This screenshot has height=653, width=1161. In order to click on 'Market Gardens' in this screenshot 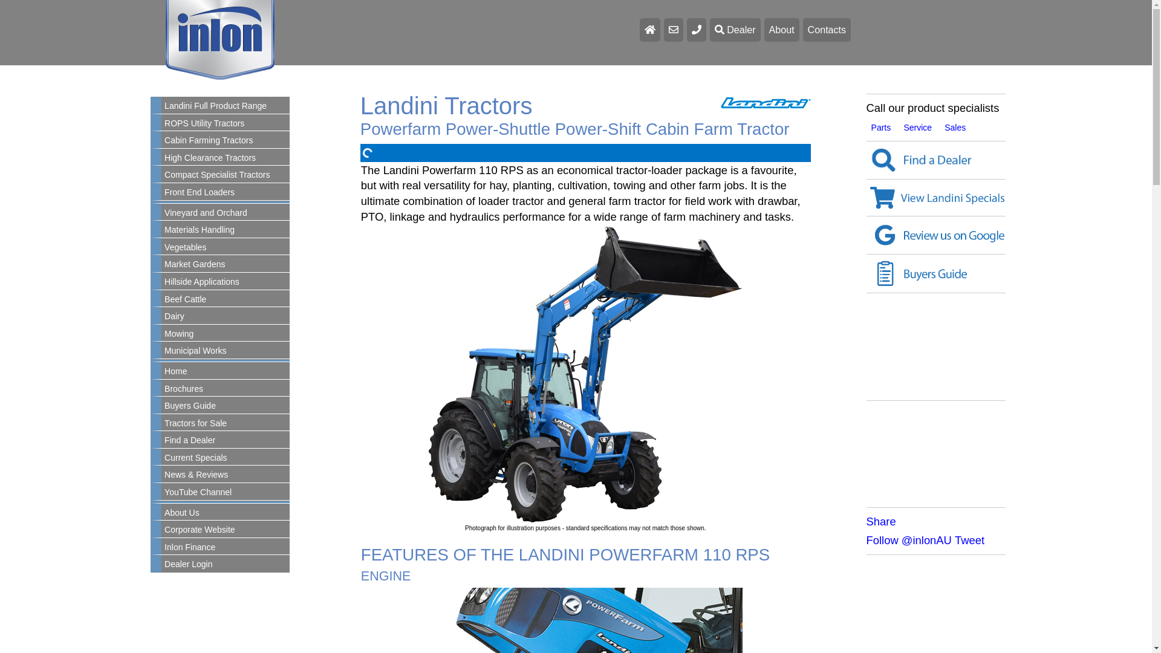, I will do `click(226, 264)`.